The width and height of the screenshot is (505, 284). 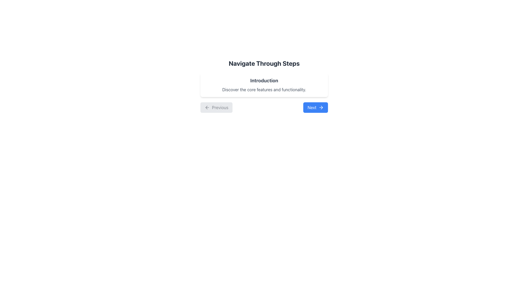 I want to click on the 'Previous' button located at the bottom-left corner of the navigation section, so click(x=216, y=107).